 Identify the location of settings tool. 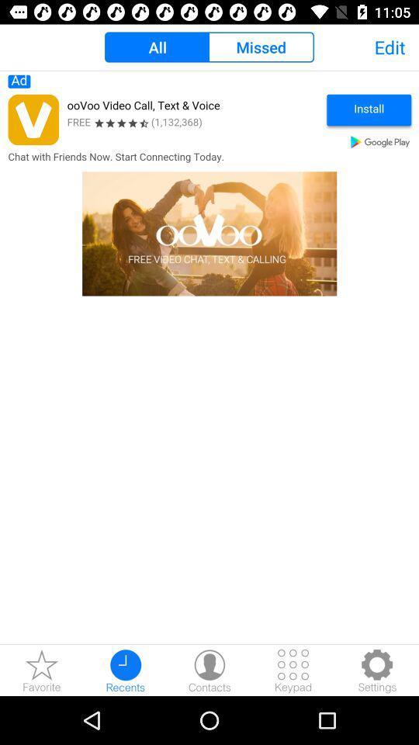
(376, 670).